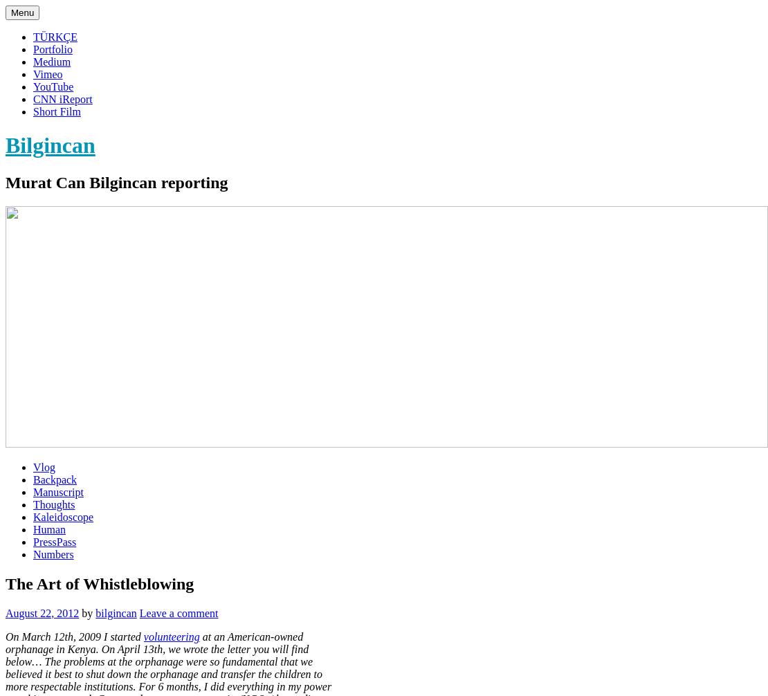 The width and height of the screenshot is (768, 696). What do you see at coordinates (99, 583) in the screenshot?
I see `'The Art of Whistleblowing'` at bounding box center [99, 583].